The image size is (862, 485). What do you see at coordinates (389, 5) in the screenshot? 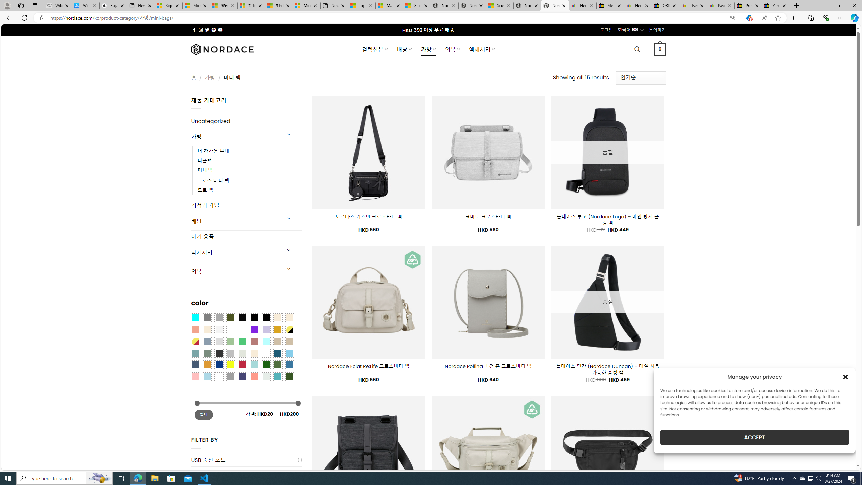
I see `'Marine life - MSN'` at bounding box center [389, 5].